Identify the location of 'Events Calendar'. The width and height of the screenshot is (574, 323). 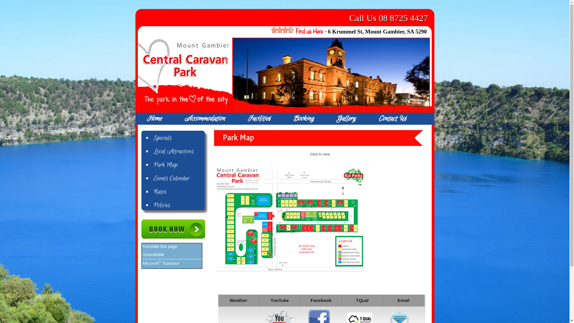
(180, 178).